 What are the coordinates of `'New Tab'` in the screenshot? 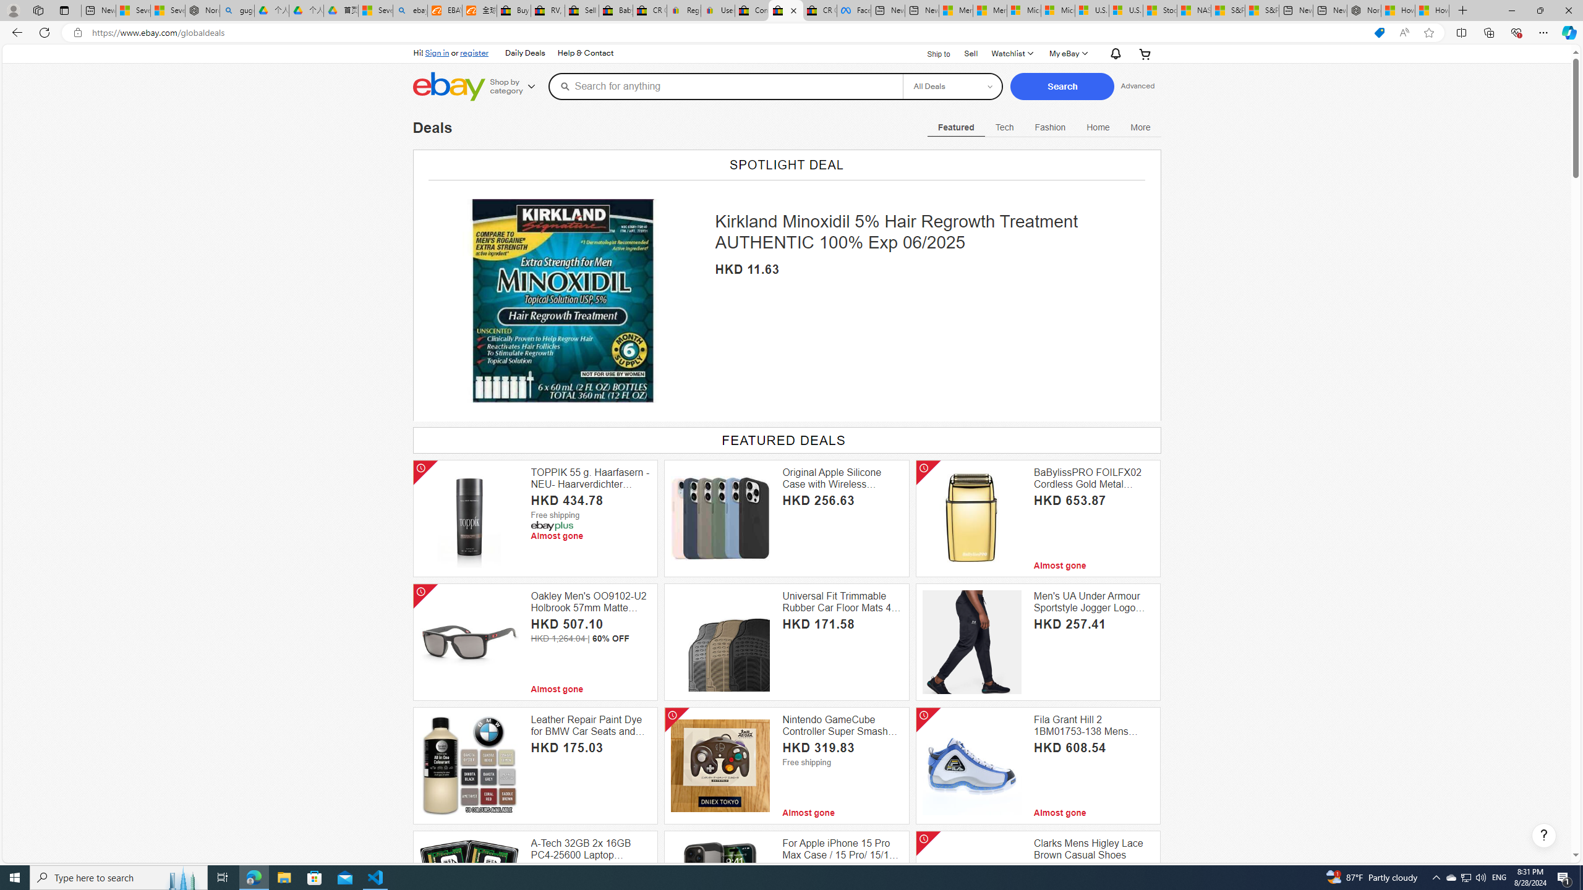 It's located at (1462, 10).